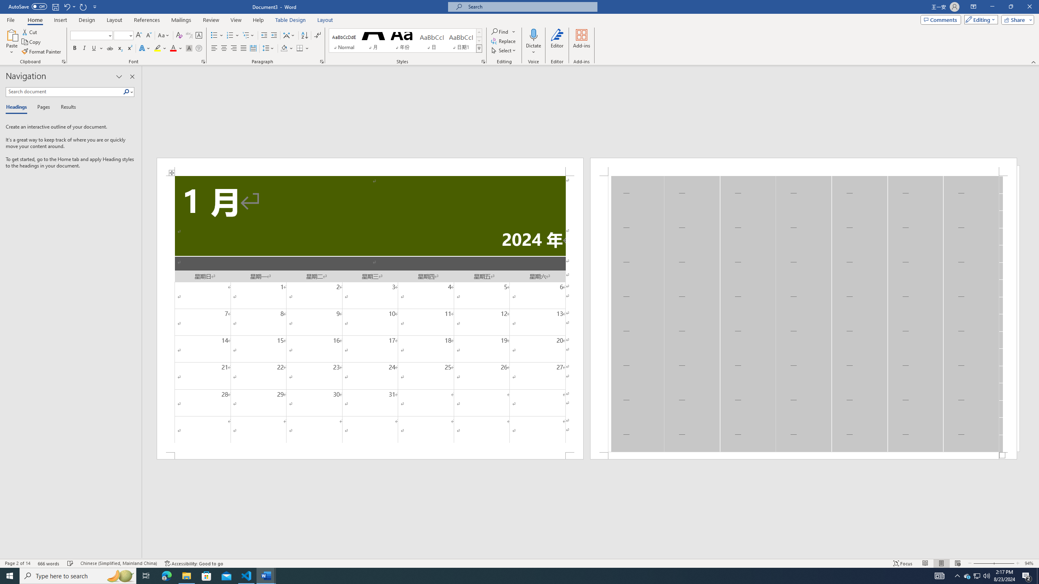 The height and width of the screenshot is (584, 1039). Describe the element at coordinates (519, 563) in the screenshot. I see `'Class: MsoCommandBar'` at that location.